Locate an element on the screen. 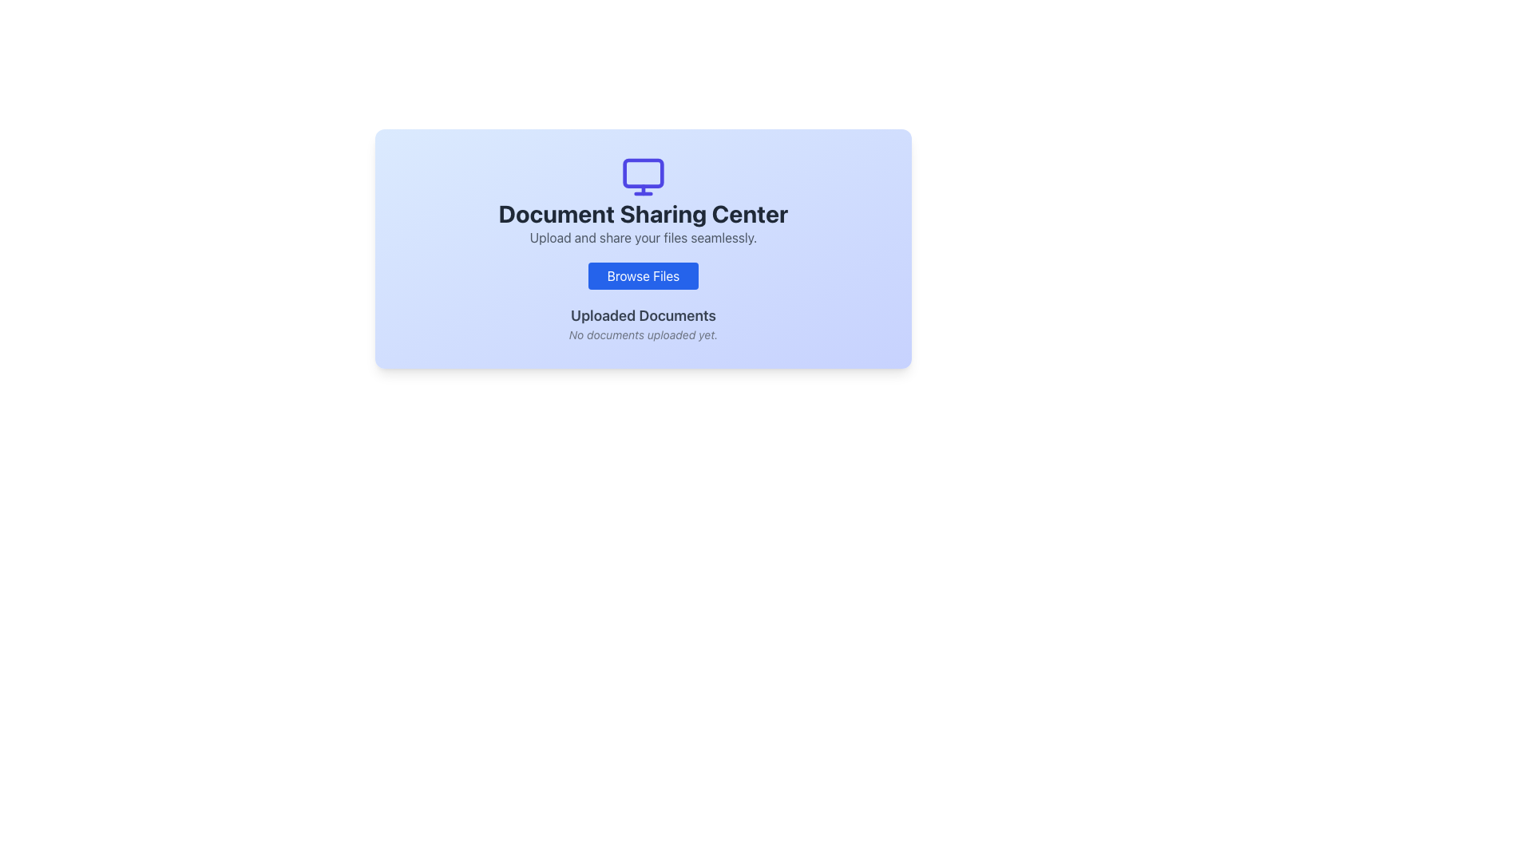 The width and height of the screenshot is (1533, 862). the text element that reads 'Document Sharing Center', which is styled in a bold, large dark gray font against a light blue background, positioned below a monitor icon and above the description text is located at coordinates (644, 212).